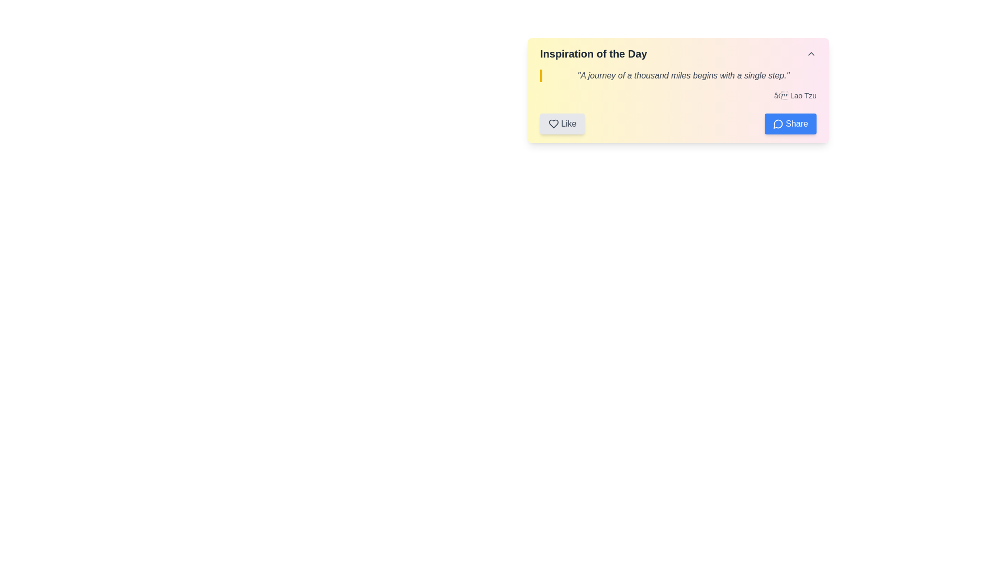  Describe the element at coordinates (553, 123) in the screenshot. I see `the heart icon that represents 'likes' or 'favorites', located to the left of the 'Like' text within a horizontally aligned group of elements` at that location.